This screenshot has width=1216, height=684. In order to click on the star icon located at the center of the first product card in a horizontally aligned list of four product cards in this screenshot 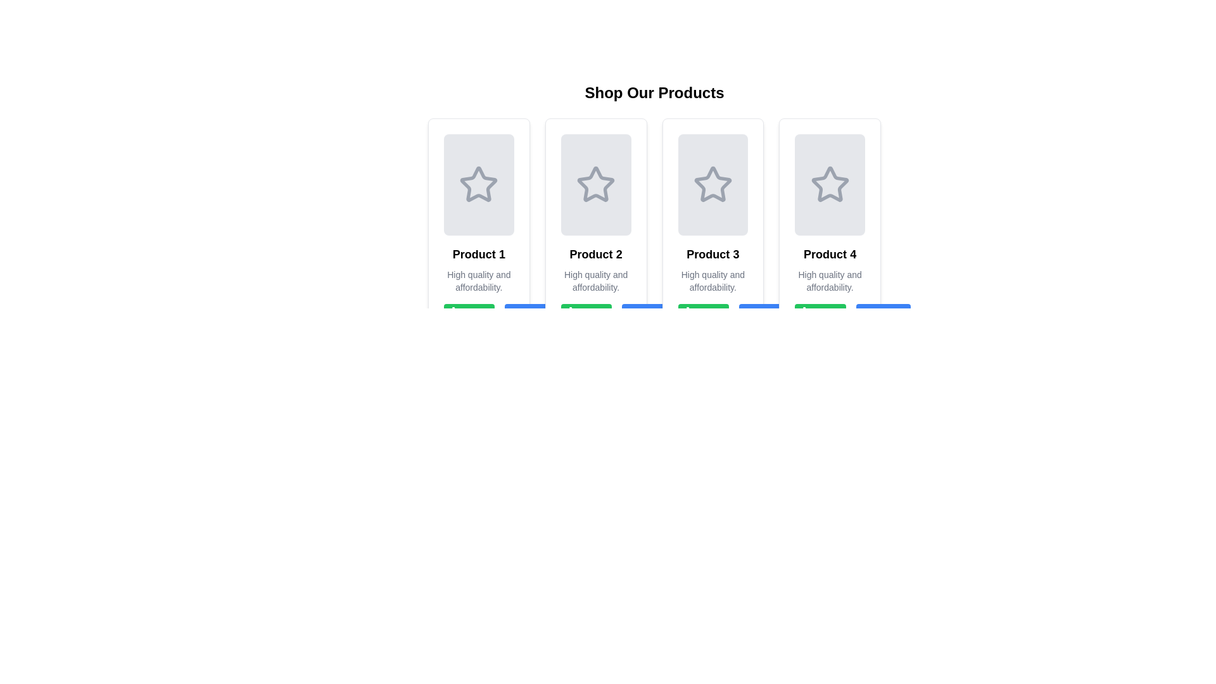, I will do `click(478, 185)`.